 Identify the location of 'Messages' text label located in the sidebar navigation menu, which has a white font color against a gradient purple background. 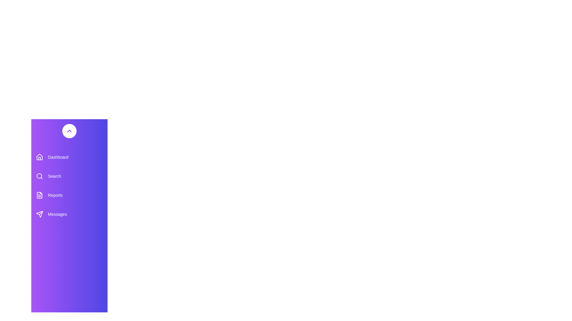
(57, 214).